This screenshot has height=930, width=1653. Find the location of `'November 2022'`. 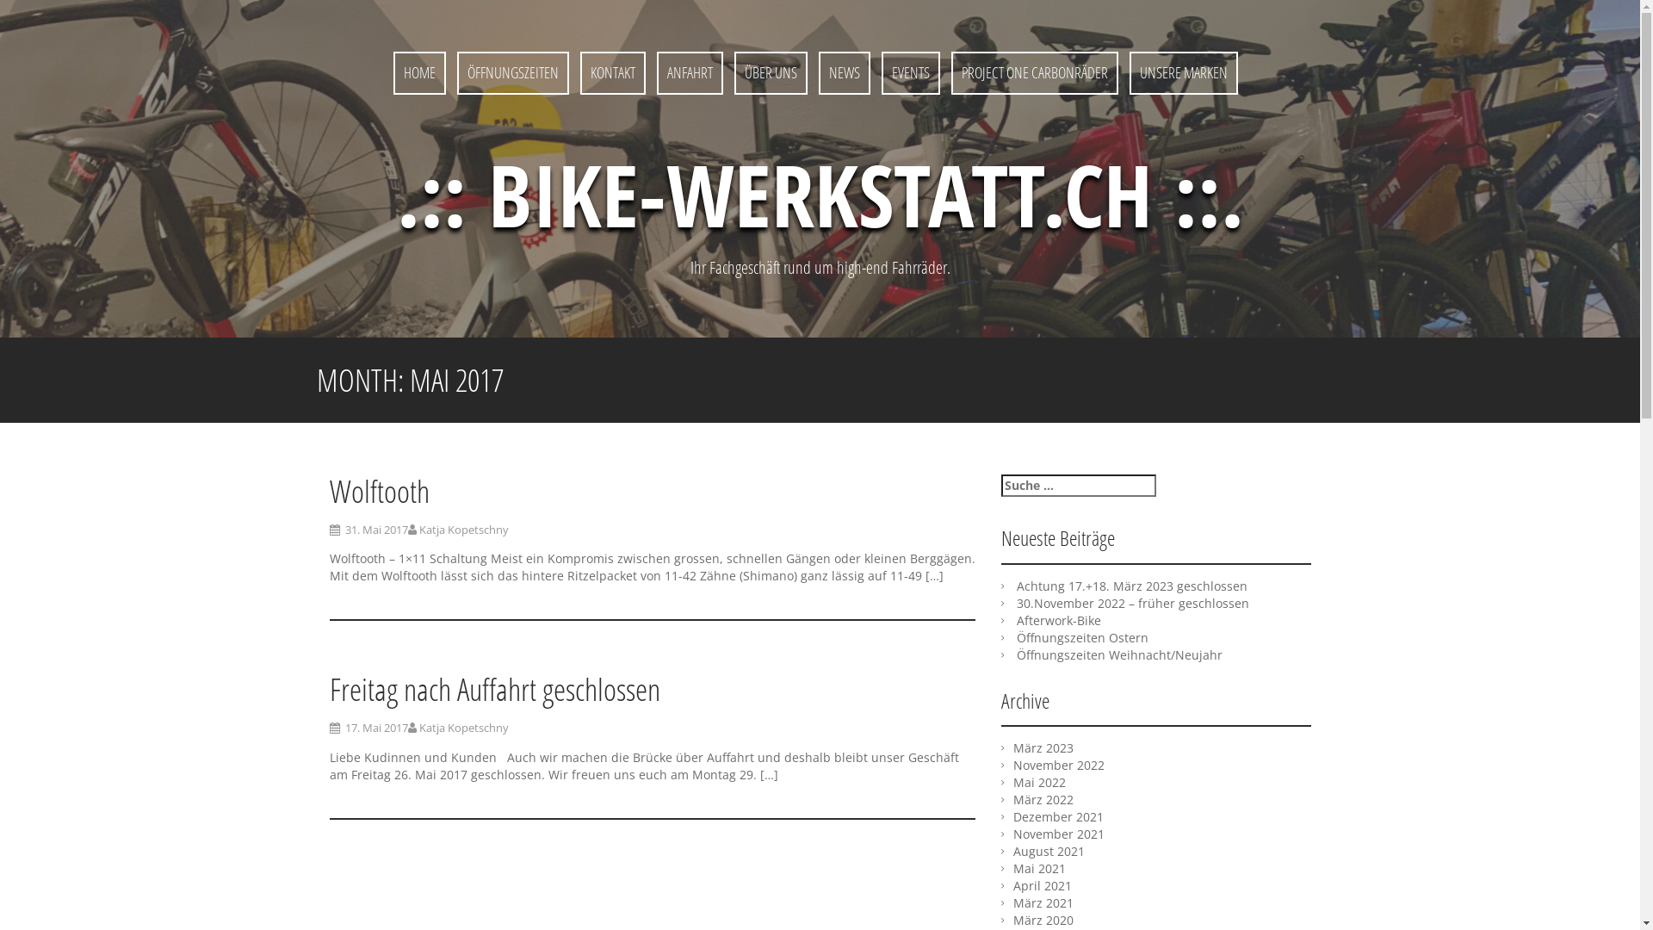

'November 2022' is located at coordinates (1056, 764).